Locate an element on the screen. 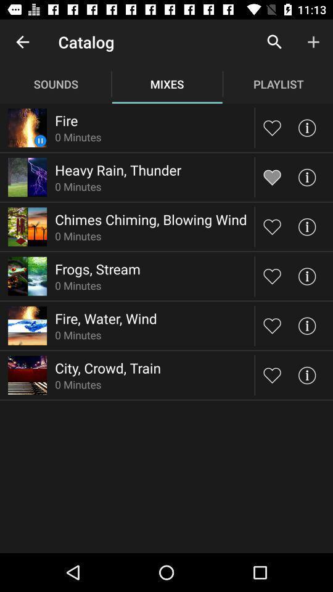 The width and height of the screenshot is (333, 592). the article is located at coordinates (272, 325).